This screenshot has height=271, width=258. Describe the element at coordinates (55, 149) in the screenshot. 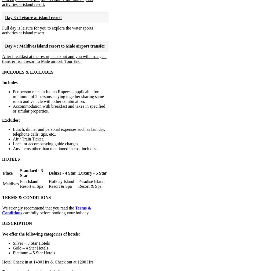

I see `'Any items other than mentioned in cost includes.'` at that location.